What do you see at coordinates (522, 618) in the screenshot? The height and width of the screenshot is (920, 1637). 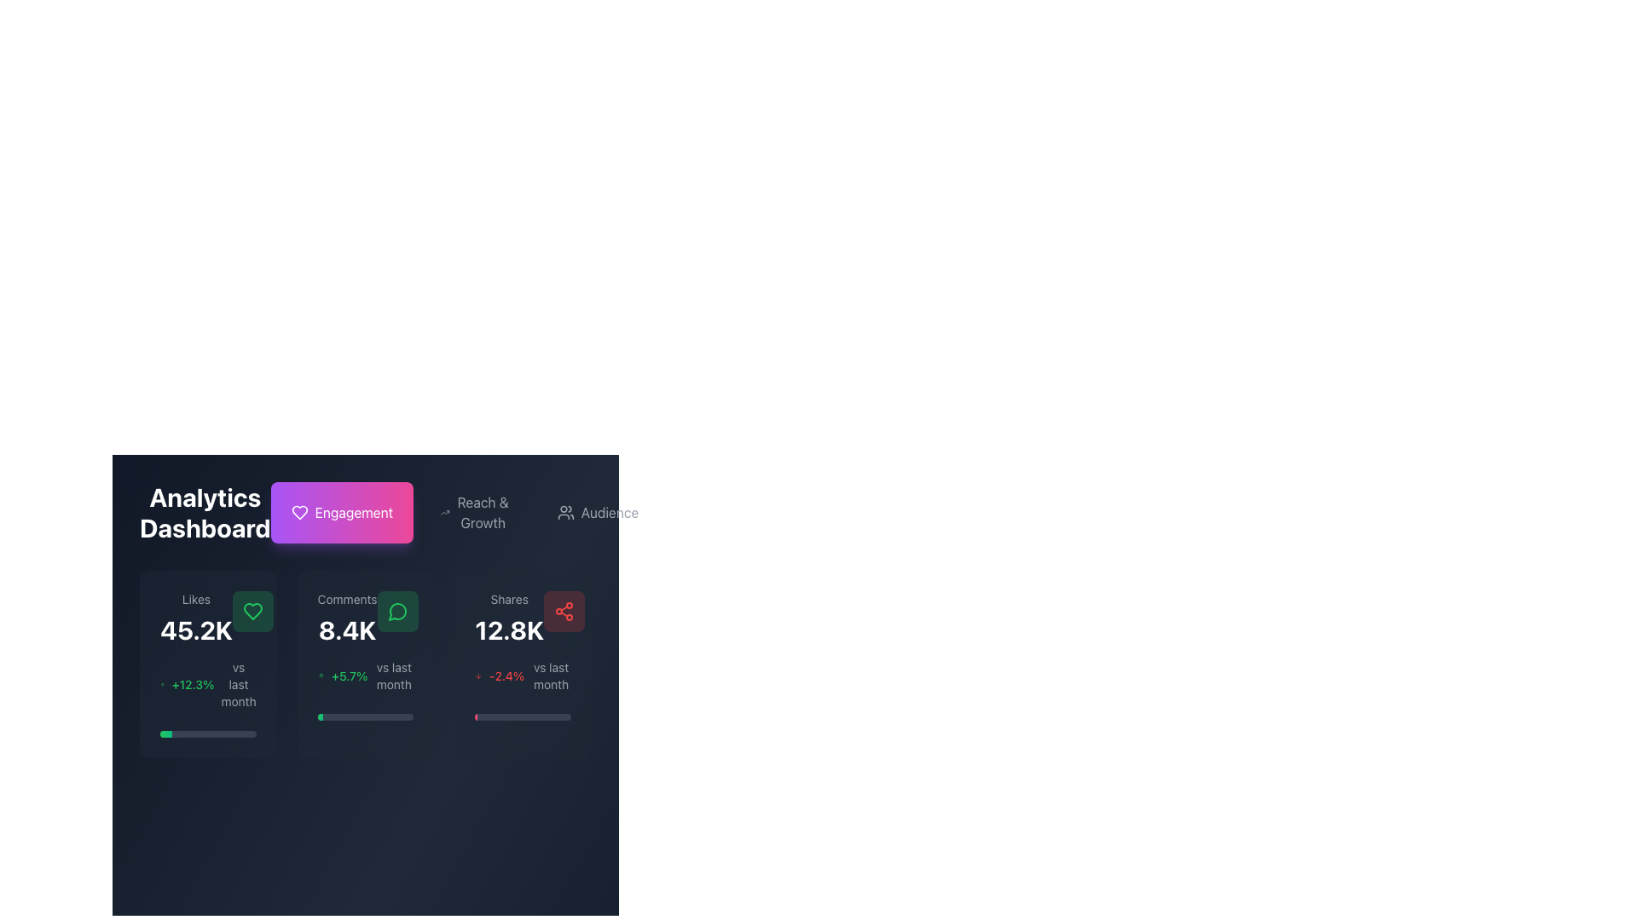 I see `the Text Display and Icon Combination that shows the number of shares (12.8K) below the text 'Shares' and to the left of a red share icon in the third column of the dashboard interface` at bounding box center [522, 618].